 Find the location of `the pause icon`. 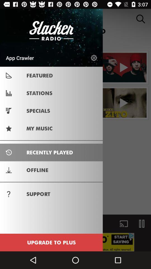

the pause icon is located at coordinates (142, 224).